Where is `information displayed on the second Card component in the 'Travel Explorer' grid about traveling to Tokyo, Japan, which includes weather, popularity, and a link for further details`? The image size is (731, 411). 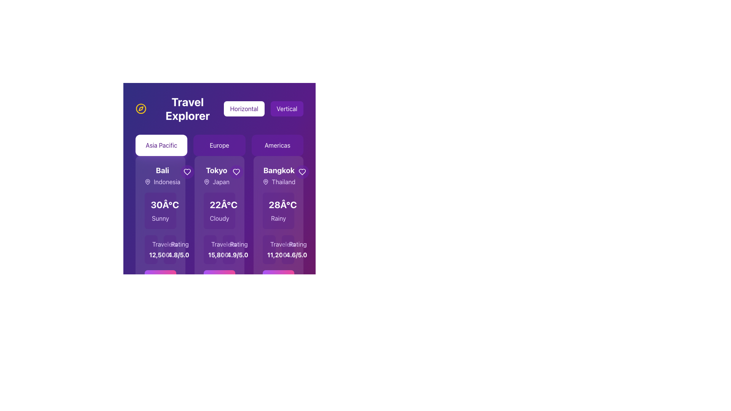
information displayed on the second Card component in the 'Travel Explorer' grid about traveling to Tokyo, Japan, which includes weather, popularity, and a link for further details is located at coordinates (219, 231).